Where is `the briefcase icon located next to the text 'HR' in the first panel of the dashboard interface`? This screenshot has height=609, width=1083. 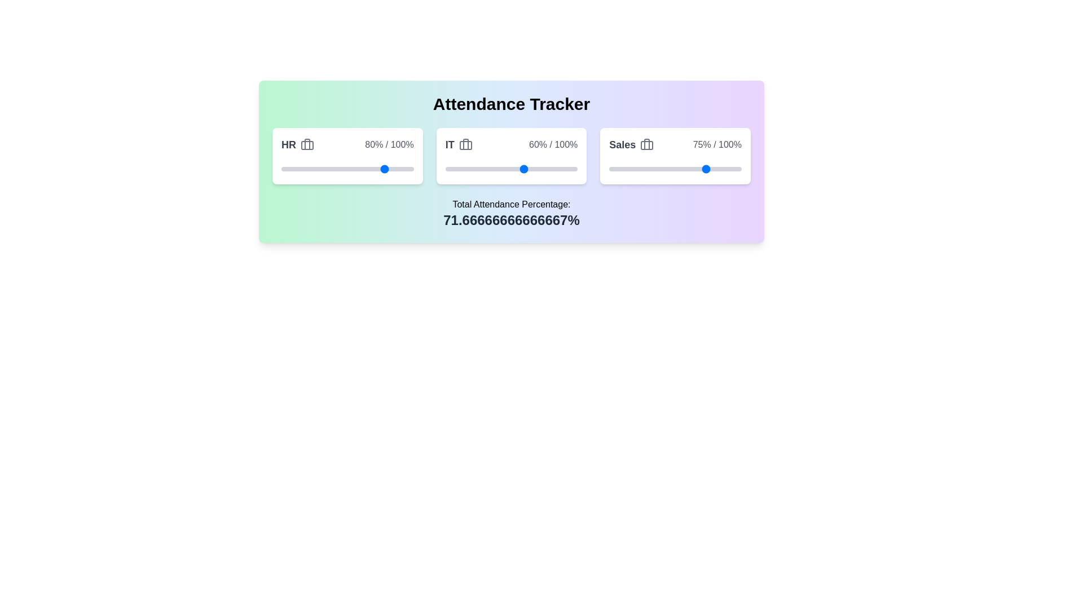 the briefcase icon located next to the text 'HR' in the first panel of the dashboard interface is located at coordinates (307, 144).